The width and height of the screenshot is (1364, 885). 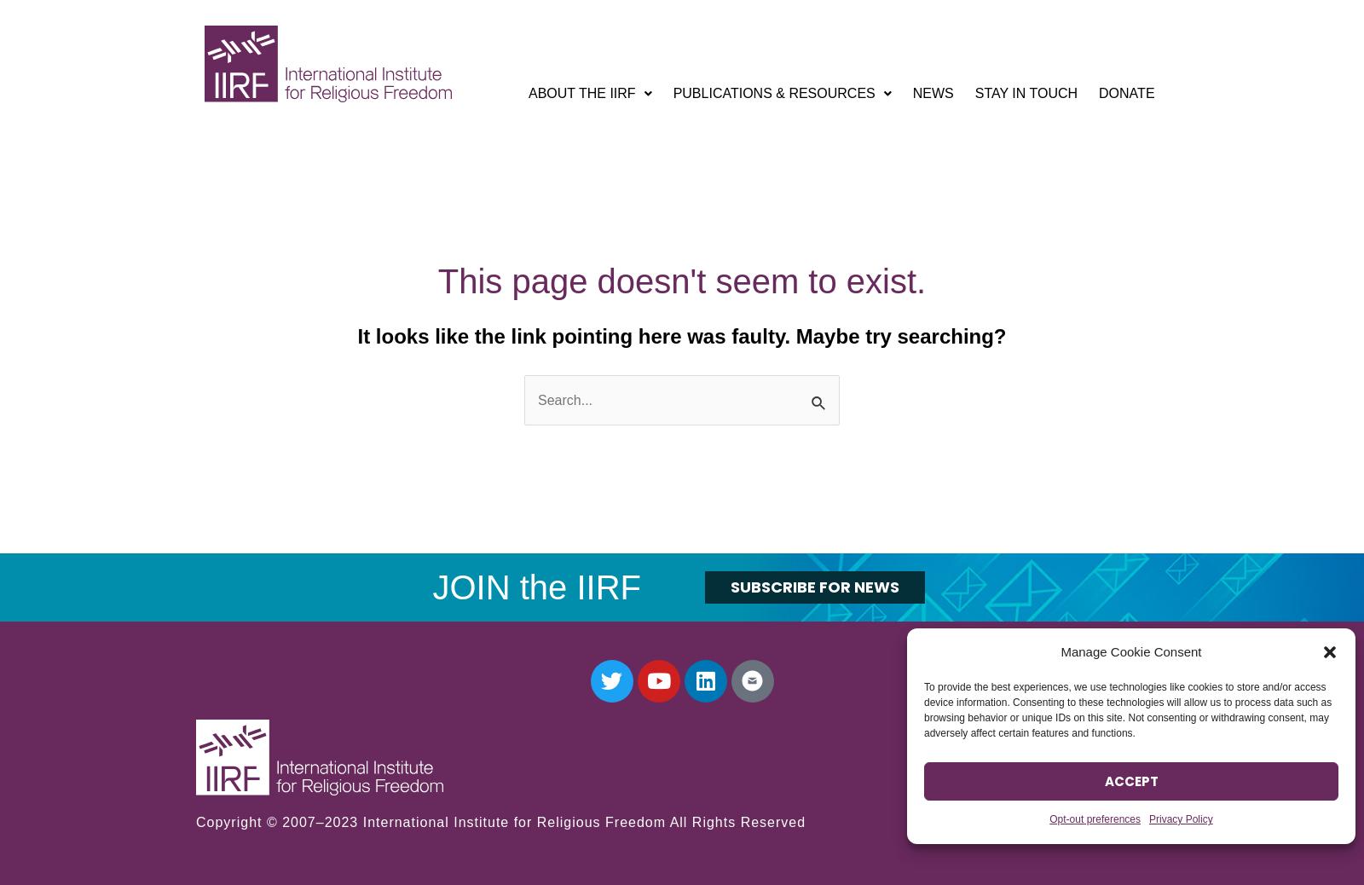 I want to click on 'Stay In Touch', so click(x=1025, y=92).